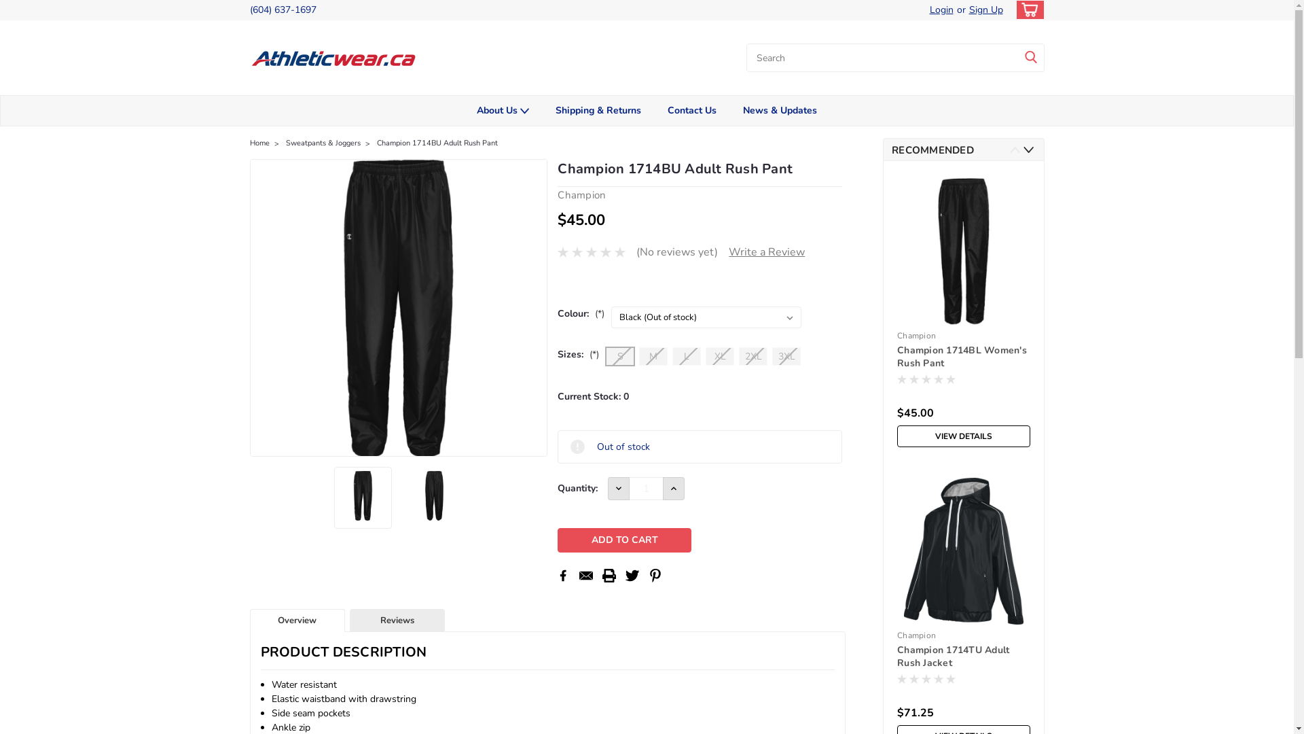 This screenshot has width=1304, height=734. Describe the element at coordinates (632, 576) in the screenshot. I see `'Twitter'` at that location.